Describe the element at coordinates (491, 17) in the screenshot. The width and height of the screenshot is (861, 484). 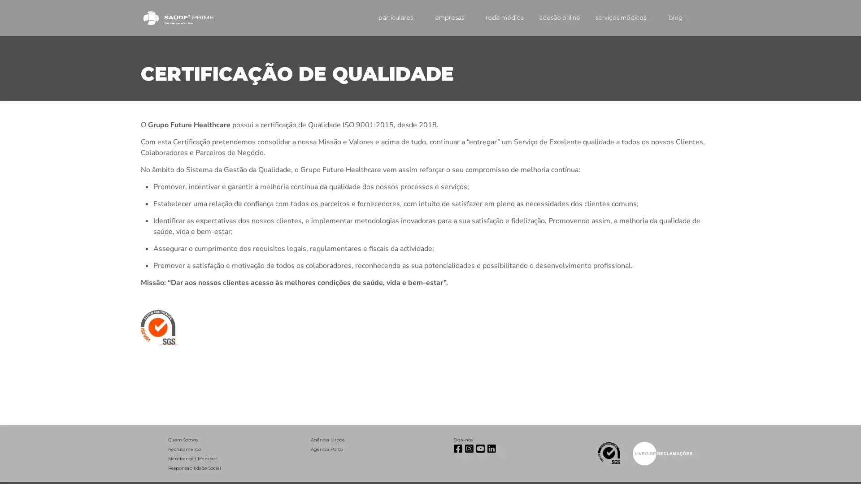
I see `rede medica` at that location.